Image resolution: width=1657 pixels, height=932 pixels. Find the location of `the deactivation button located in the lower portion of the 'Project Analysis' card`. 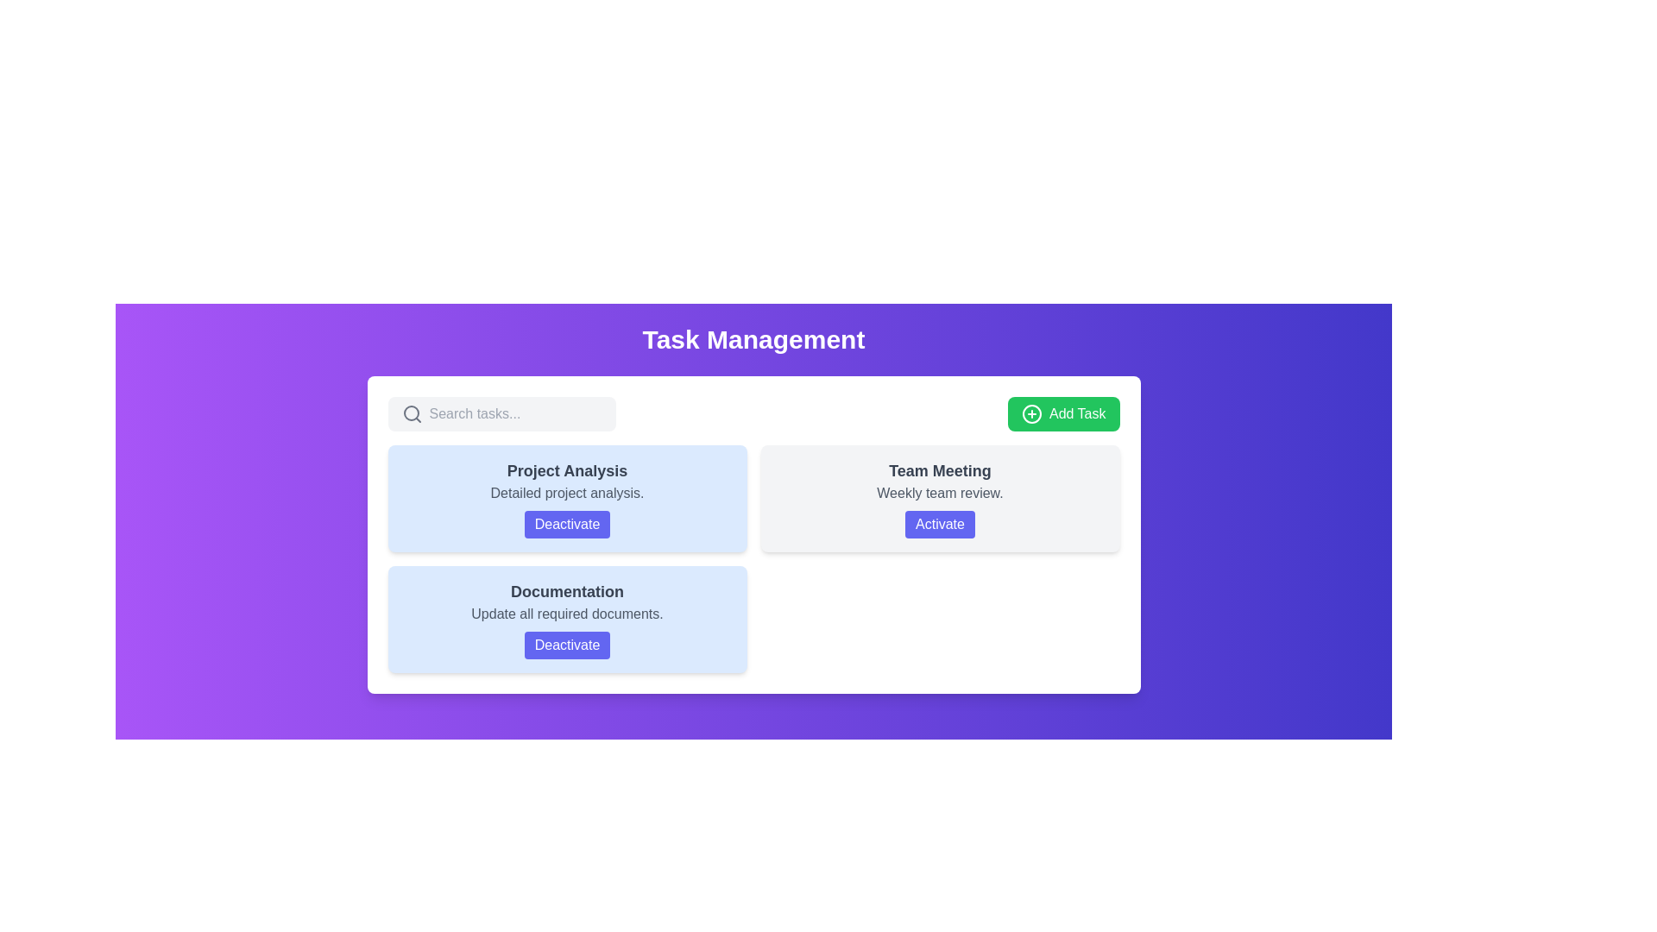

the deactivation button located in the lower portion of the 'Project Analysis' card is located at coordinates (567, 524).